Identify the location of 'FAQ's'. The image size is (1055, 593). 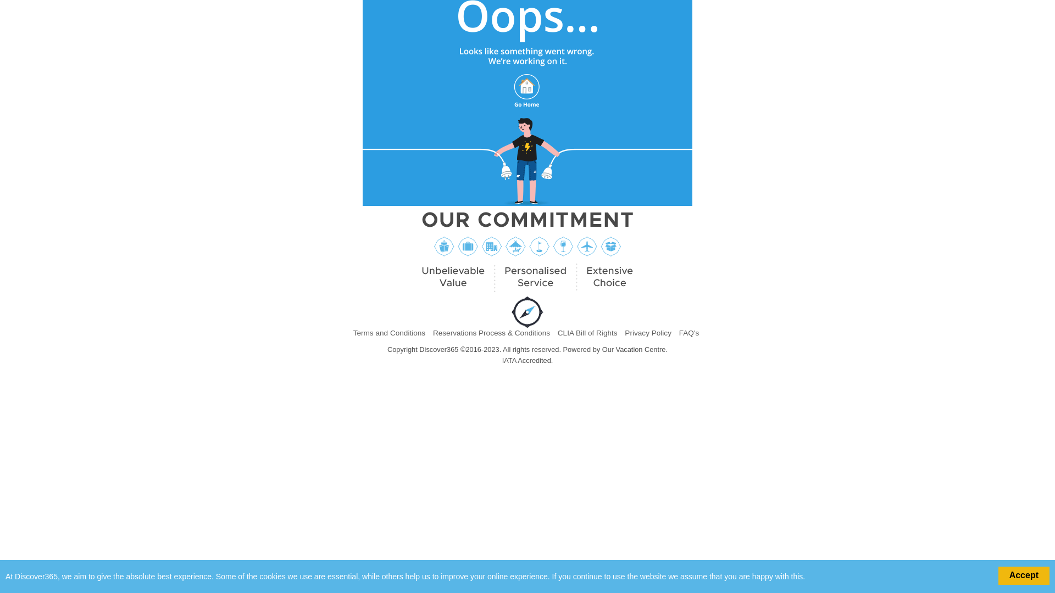
(688, 332).